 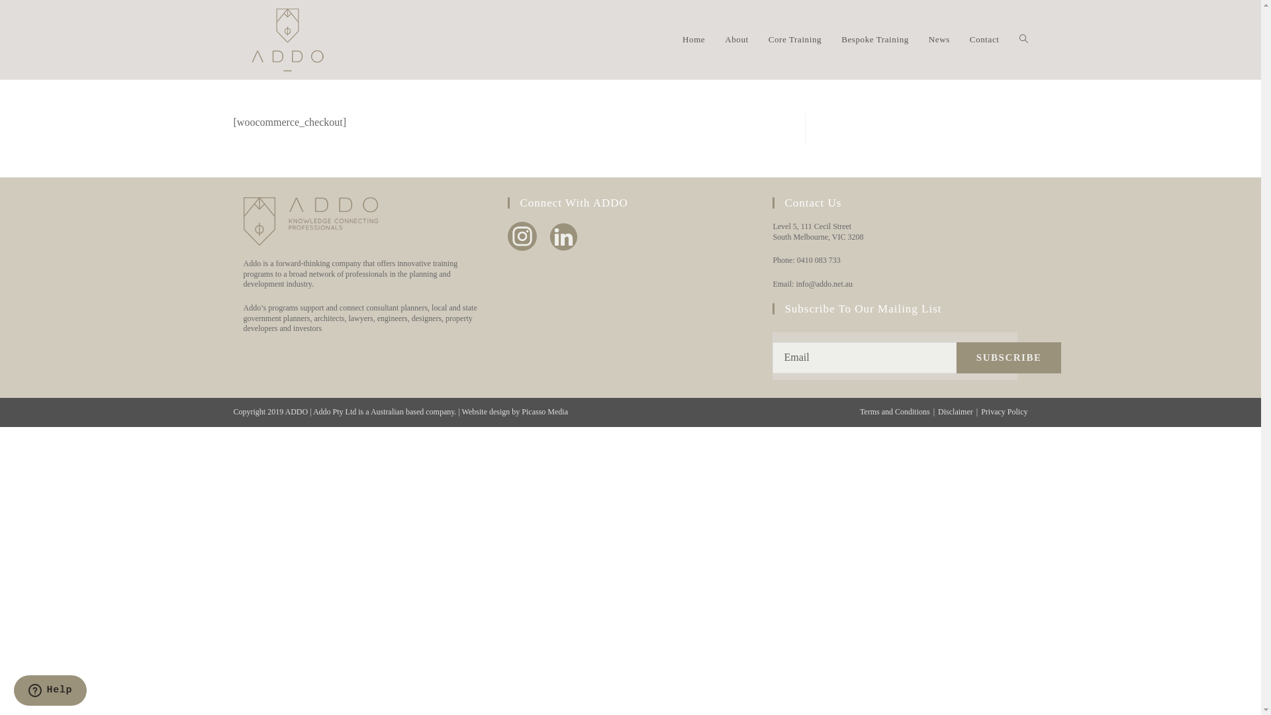 What do you see at coordinates (823, 283) in the screenshot?
I see `'info@addo.net.au'` at bounding box center [823, 283].